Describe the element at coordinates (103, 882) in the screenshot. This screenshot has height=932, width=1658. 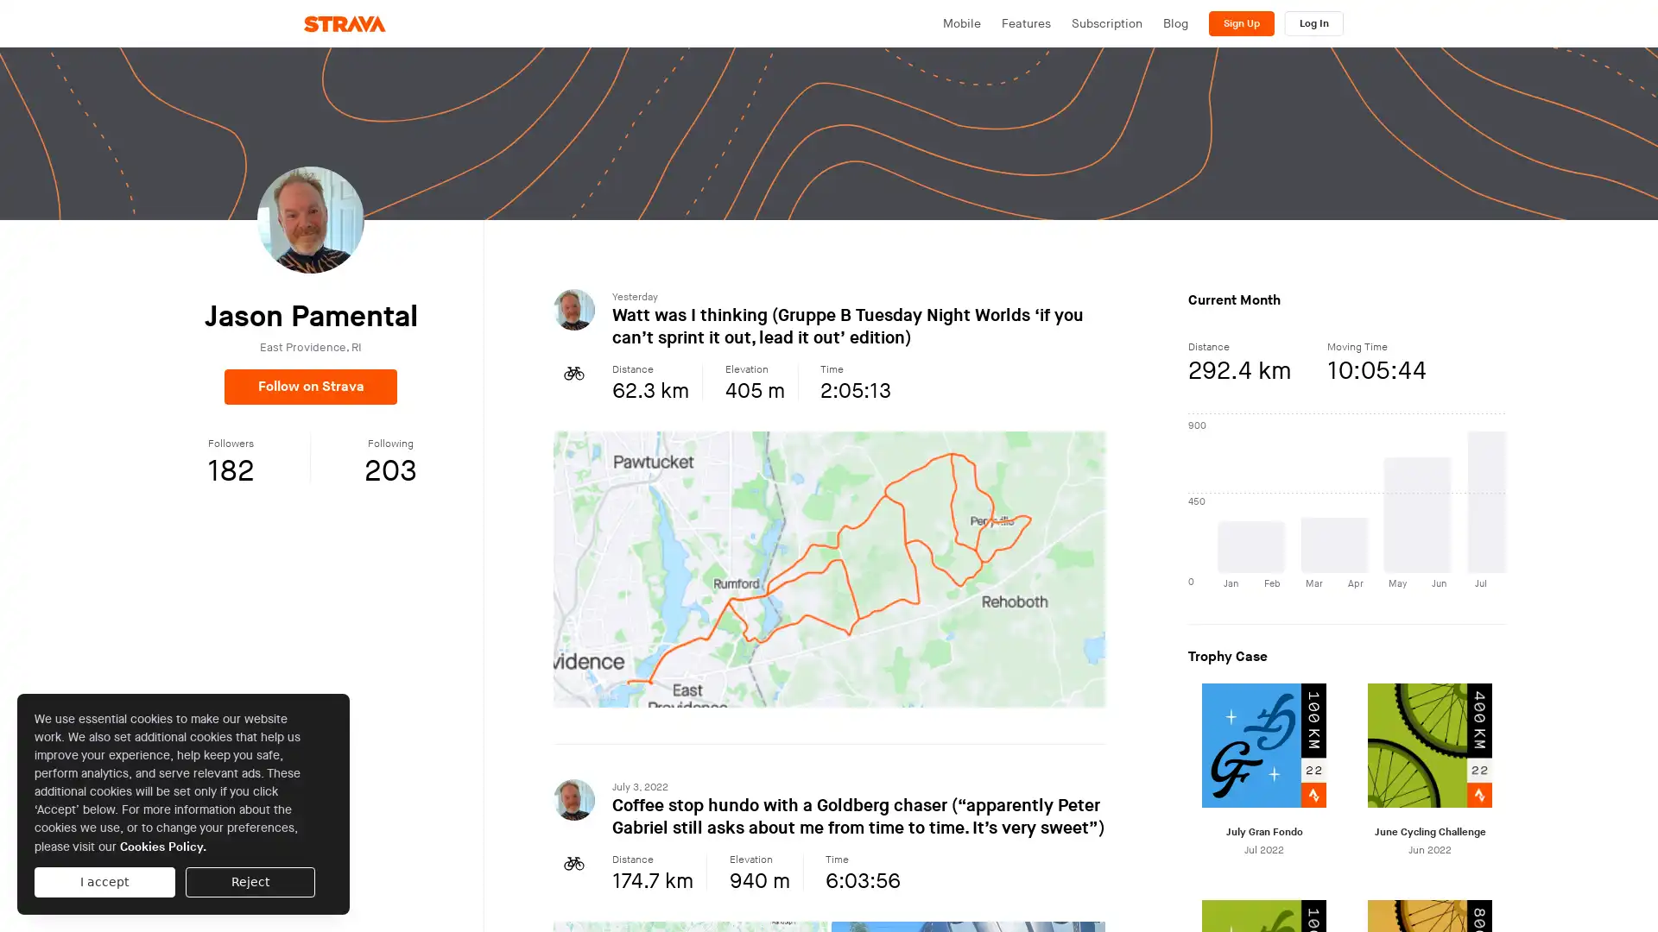
I see `I accept` at that location.